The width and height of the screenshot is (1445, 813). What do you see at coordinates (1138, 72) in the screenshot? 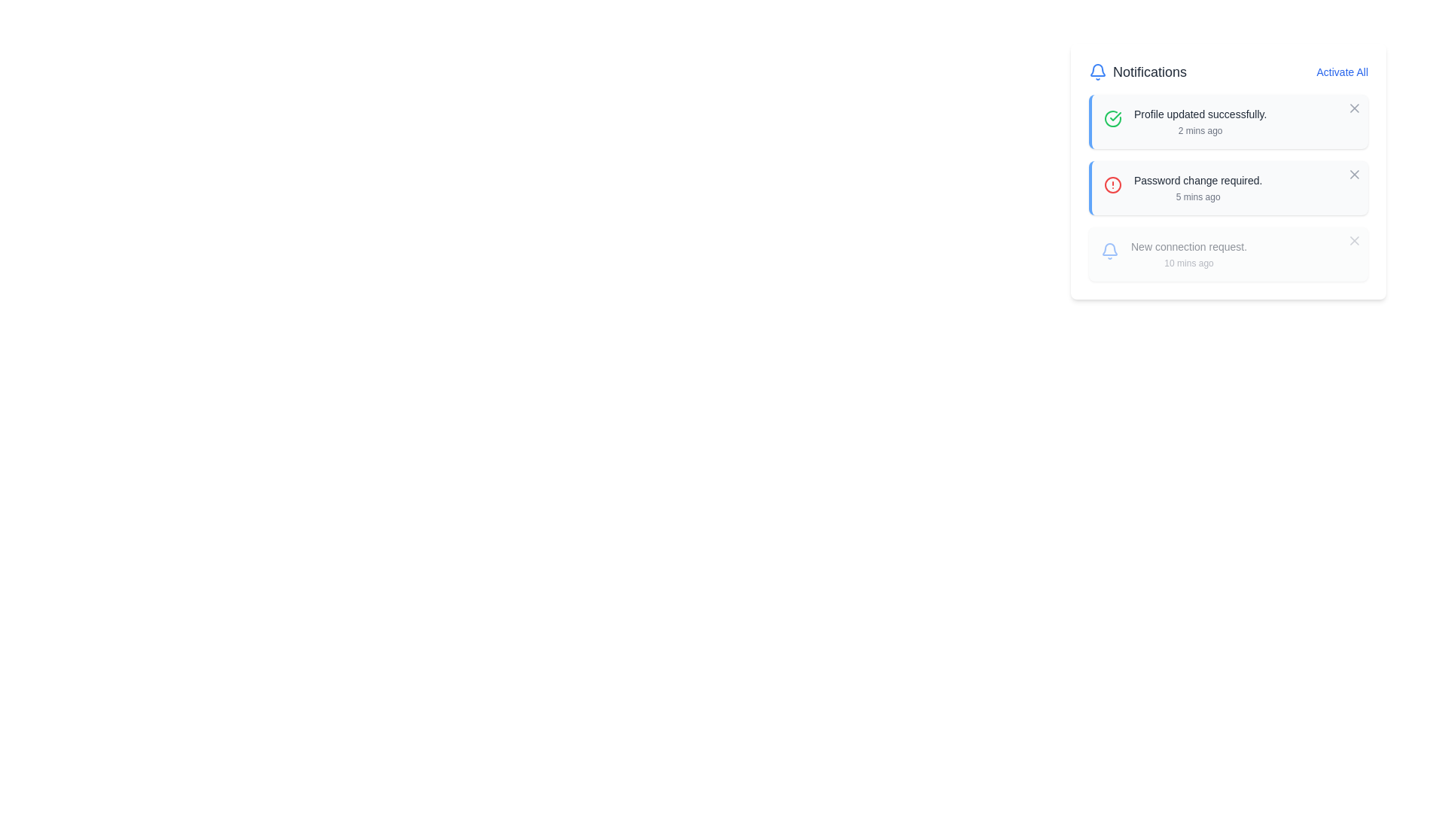
I see `the Text Label that serves as a heading for the notification panel, located at the top-left corner of the panel` at bounding box center [1138, 72].